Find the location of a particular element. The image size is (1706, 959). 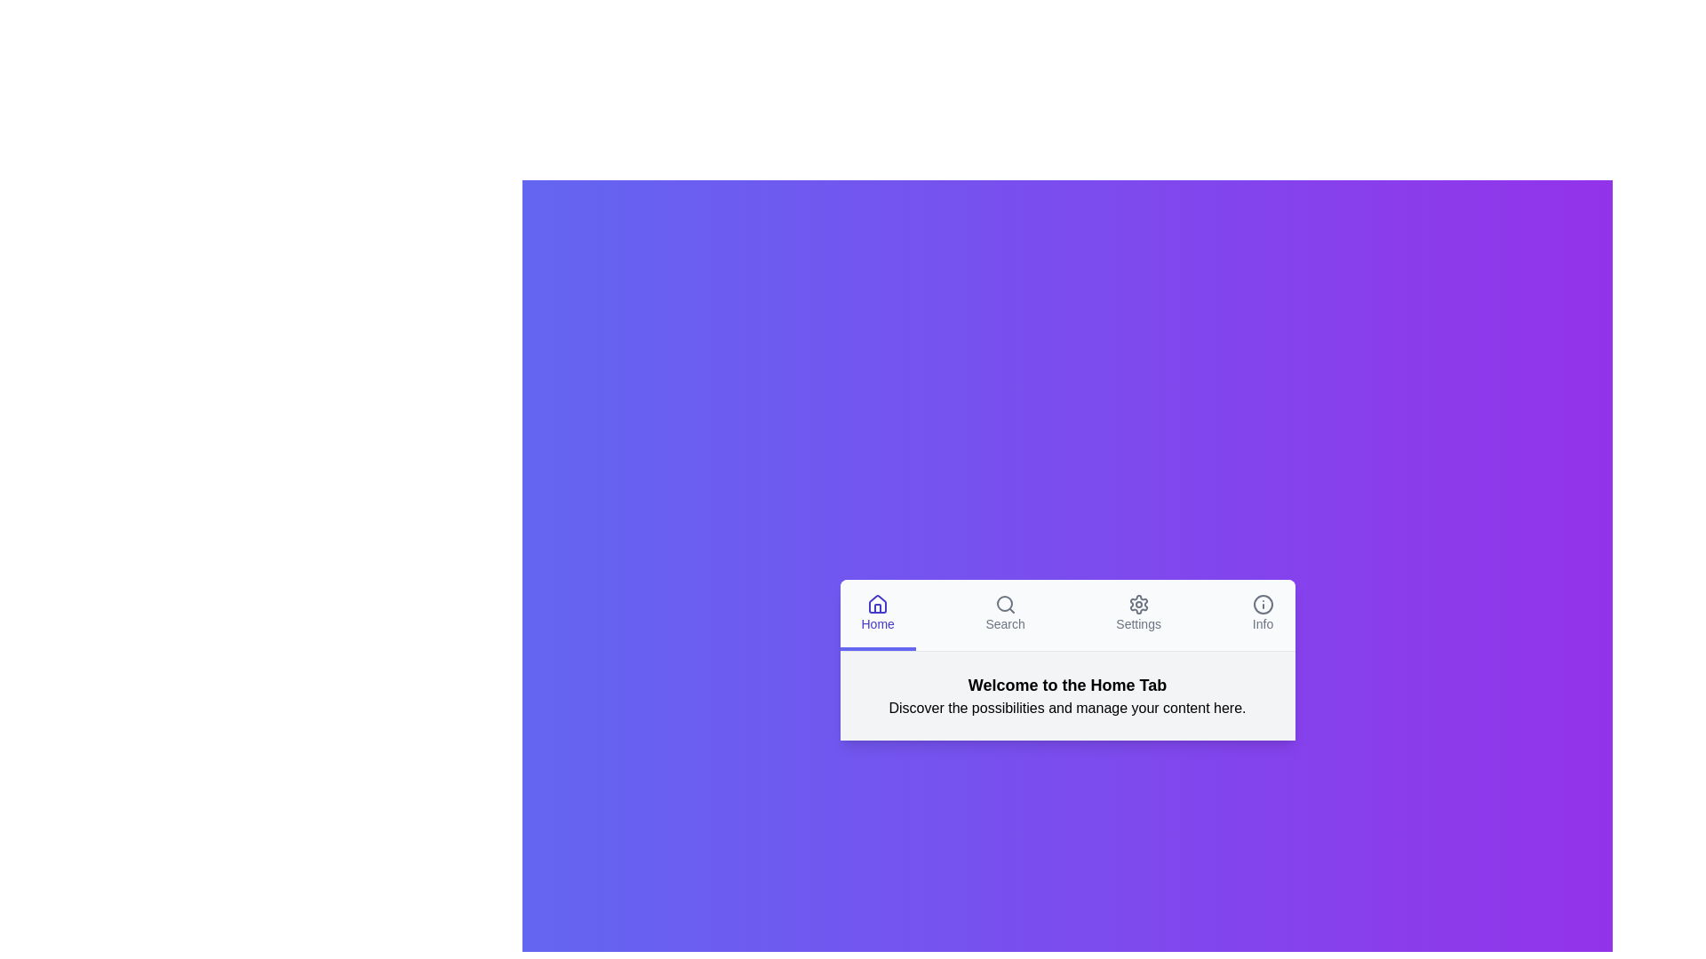

the SVG Circle that serves as the outermost boundary of the 'Info' icon located in the top-right section of the bottom menu bar is located at coordinates (1262, 603).